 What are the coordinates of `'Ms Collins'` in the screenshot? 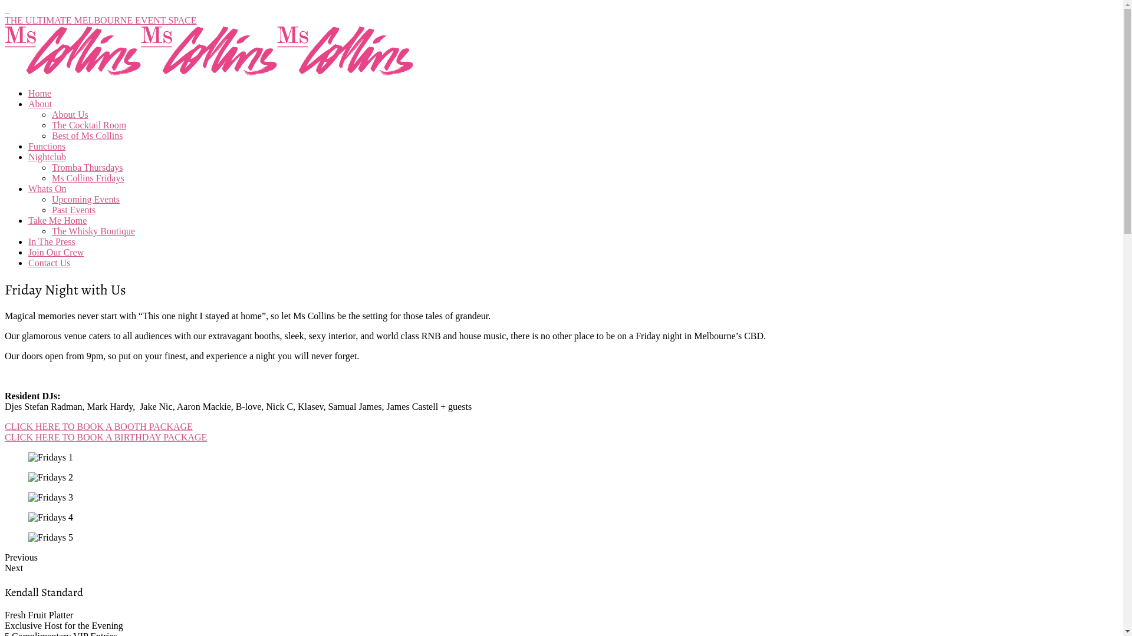 It's located at (72, 73).